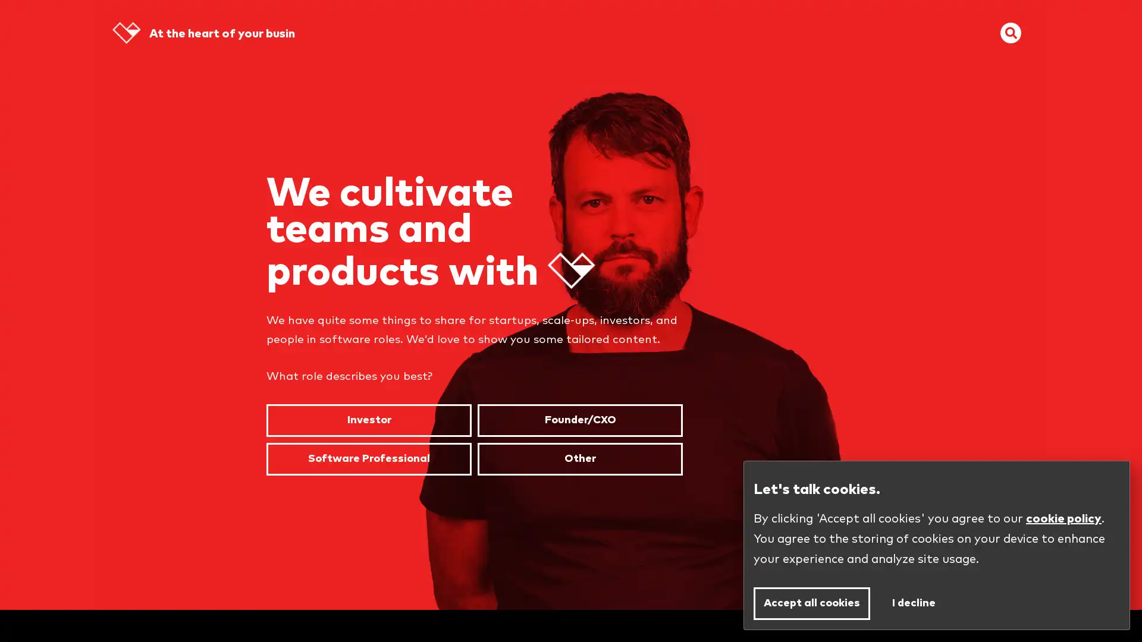 Image resolution: width=1142 pixels, height=642 pixels. I want to click on Software Professional, so click(368, 458).